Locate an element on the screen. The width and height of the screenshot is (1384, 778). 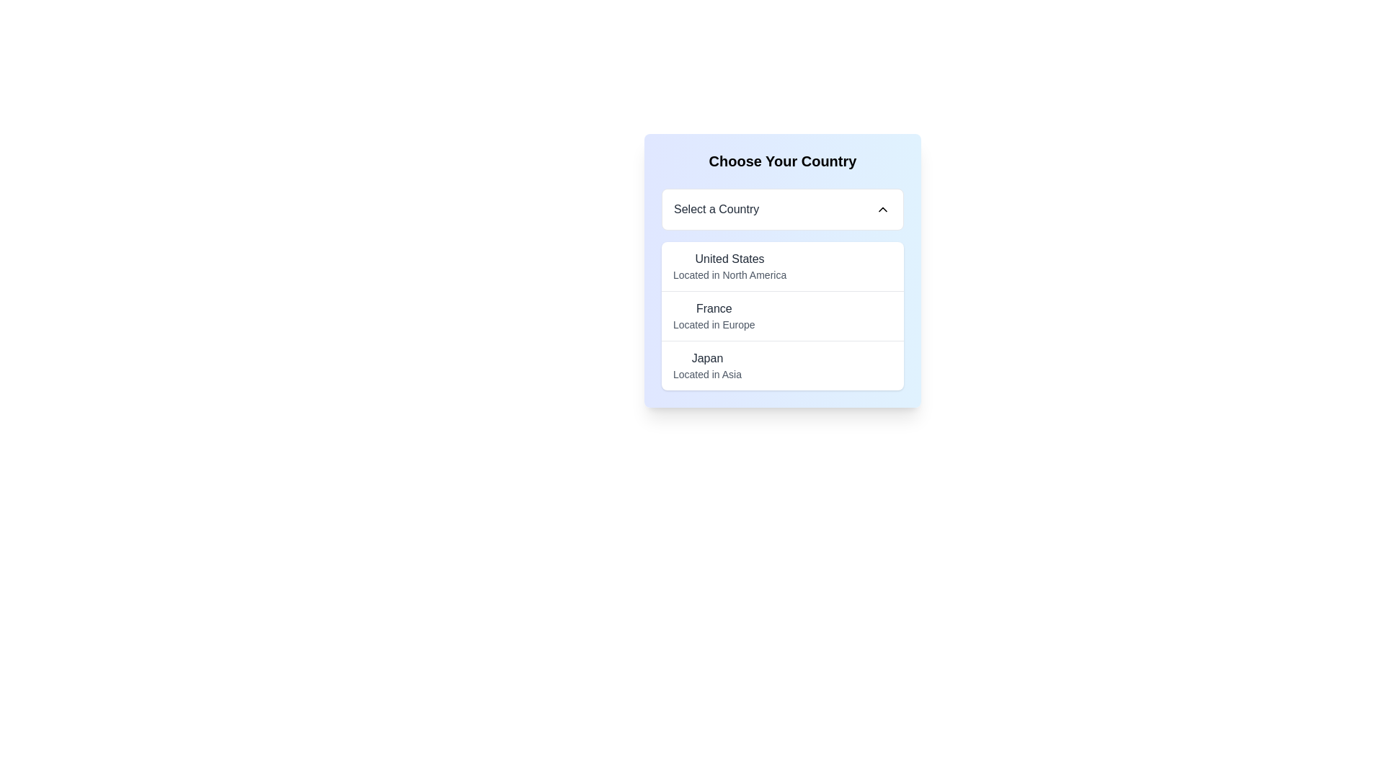
to select 'Japan' from the dropdown list of country options, which is the third item below 'United States' and 'France' is located at coordinates (781, 365).